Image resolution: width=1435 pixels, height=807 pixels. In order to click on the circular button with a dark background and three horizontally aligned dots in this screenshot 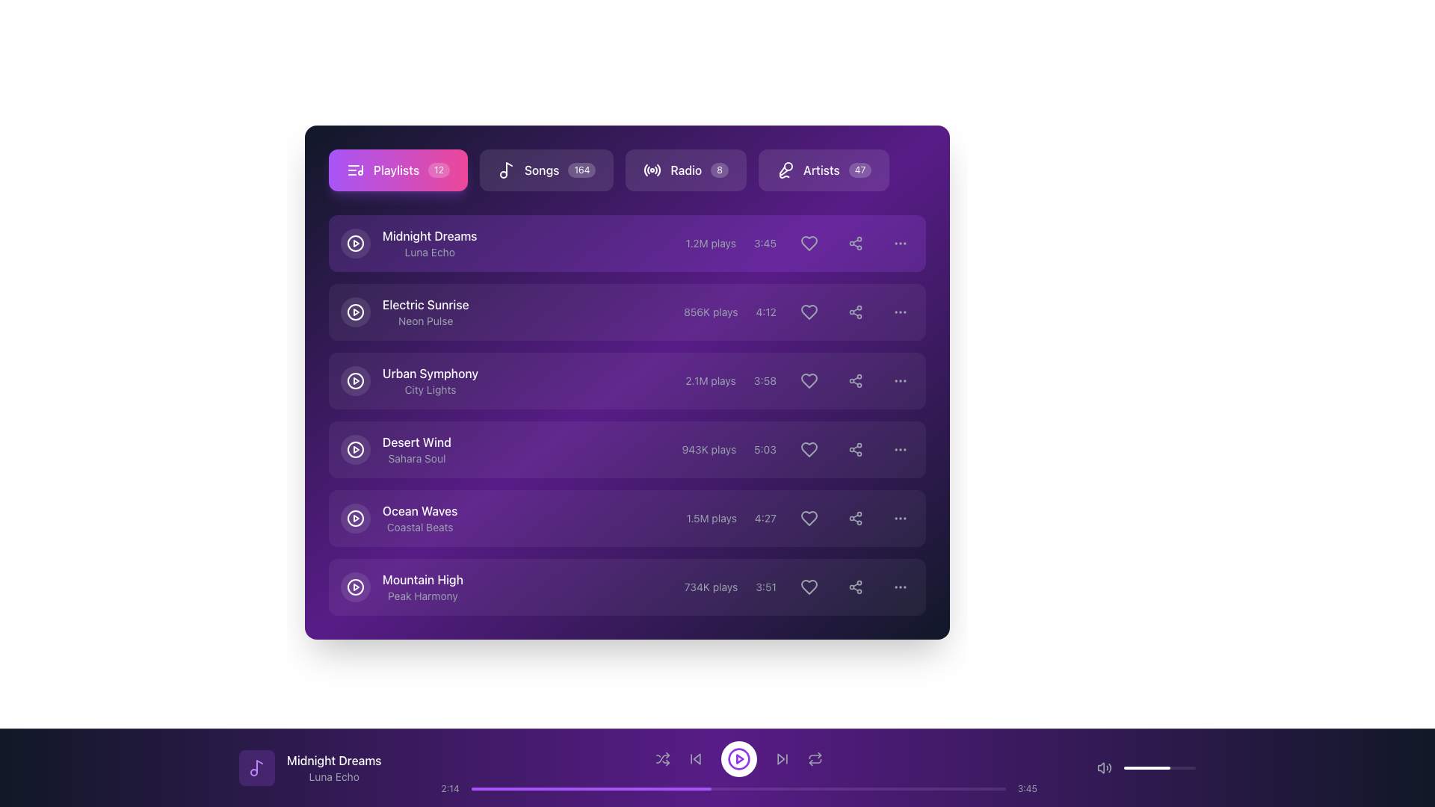, I will do `click(899, 380)`.